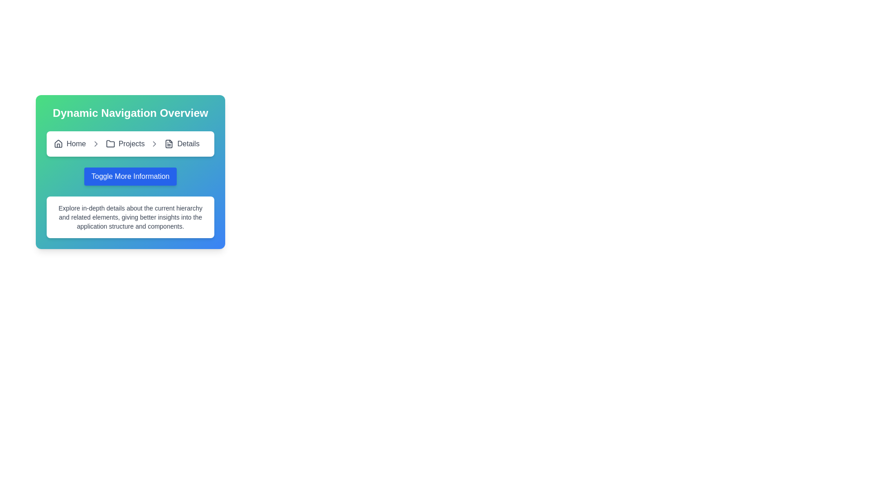 The width and height of the screenshot is (870, 489). I want to click on the link displaying the text 'Details' with an adjacent document icon in the breadcrumb navigation, so click(181, 143).